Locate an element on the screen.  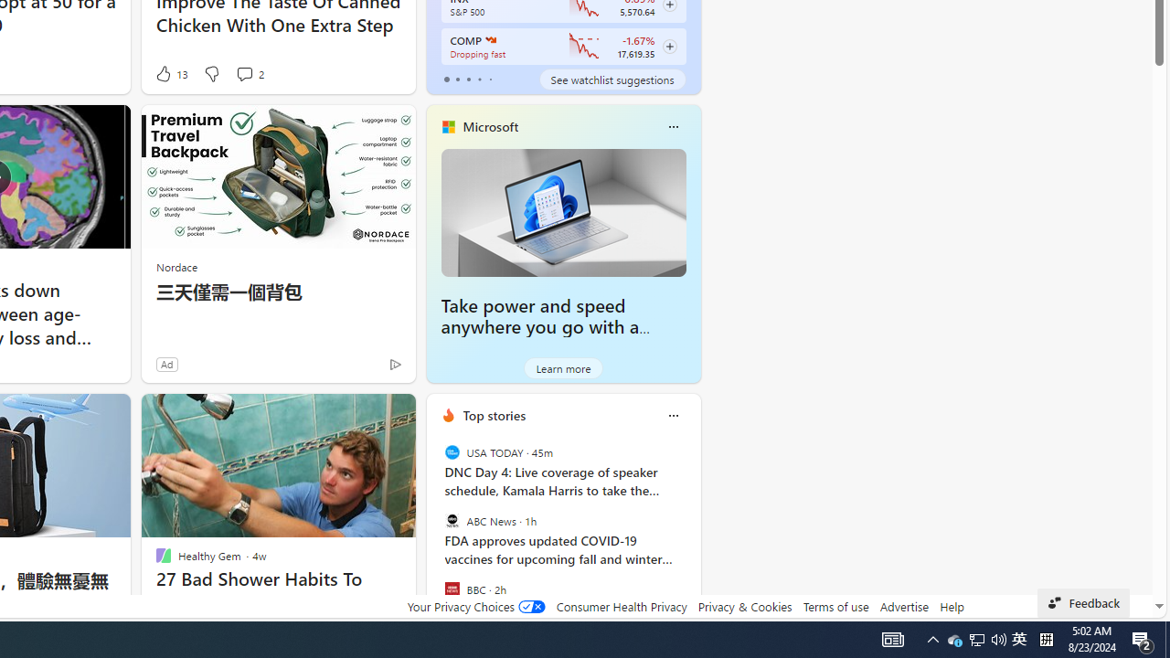
'Take power and speed anywhere you go with a Windows laptop.' is located at coordinates (562, 211).